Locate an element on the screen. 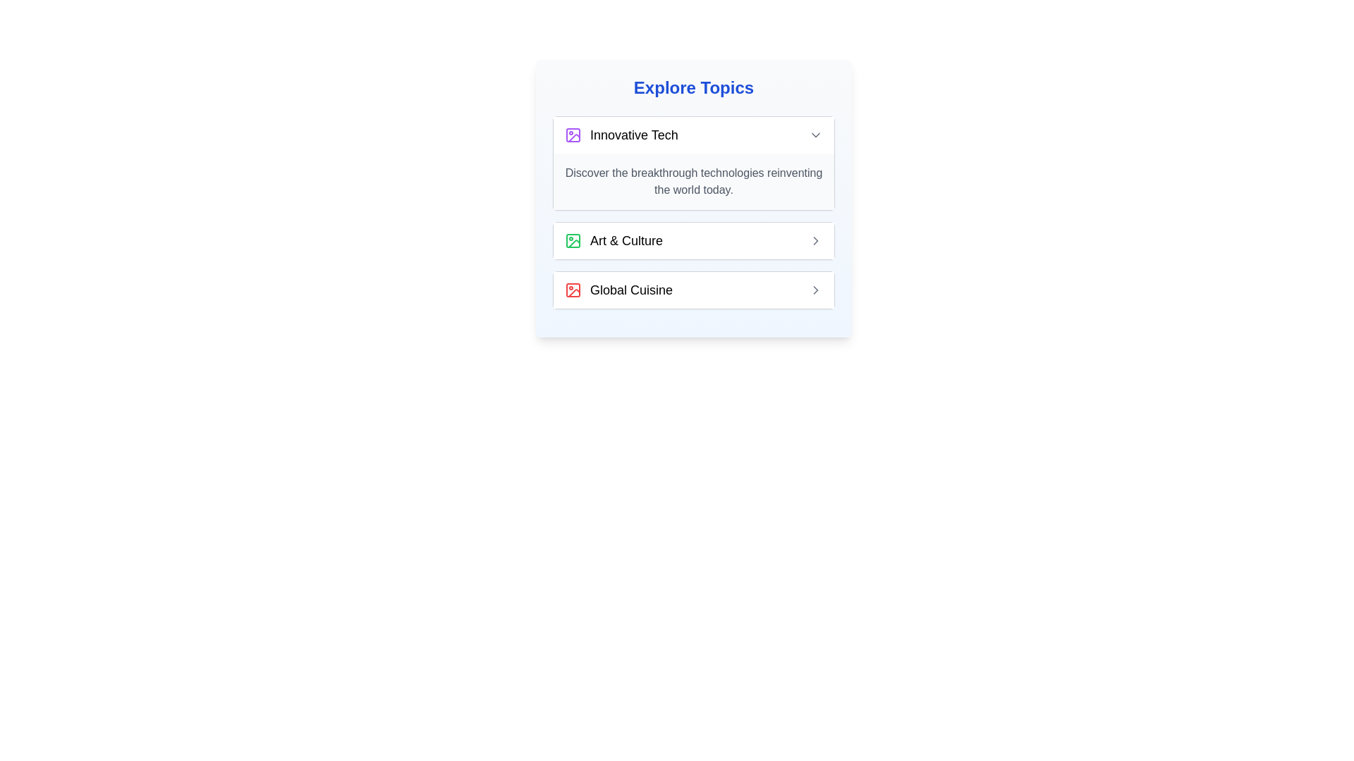 The image size is (1354, 761). the right-arrow icon in the second list entry labeled 'Art & Culture', which is visually characterized by a minimal solid outline and points to the right is located at coordinates (815, 240).